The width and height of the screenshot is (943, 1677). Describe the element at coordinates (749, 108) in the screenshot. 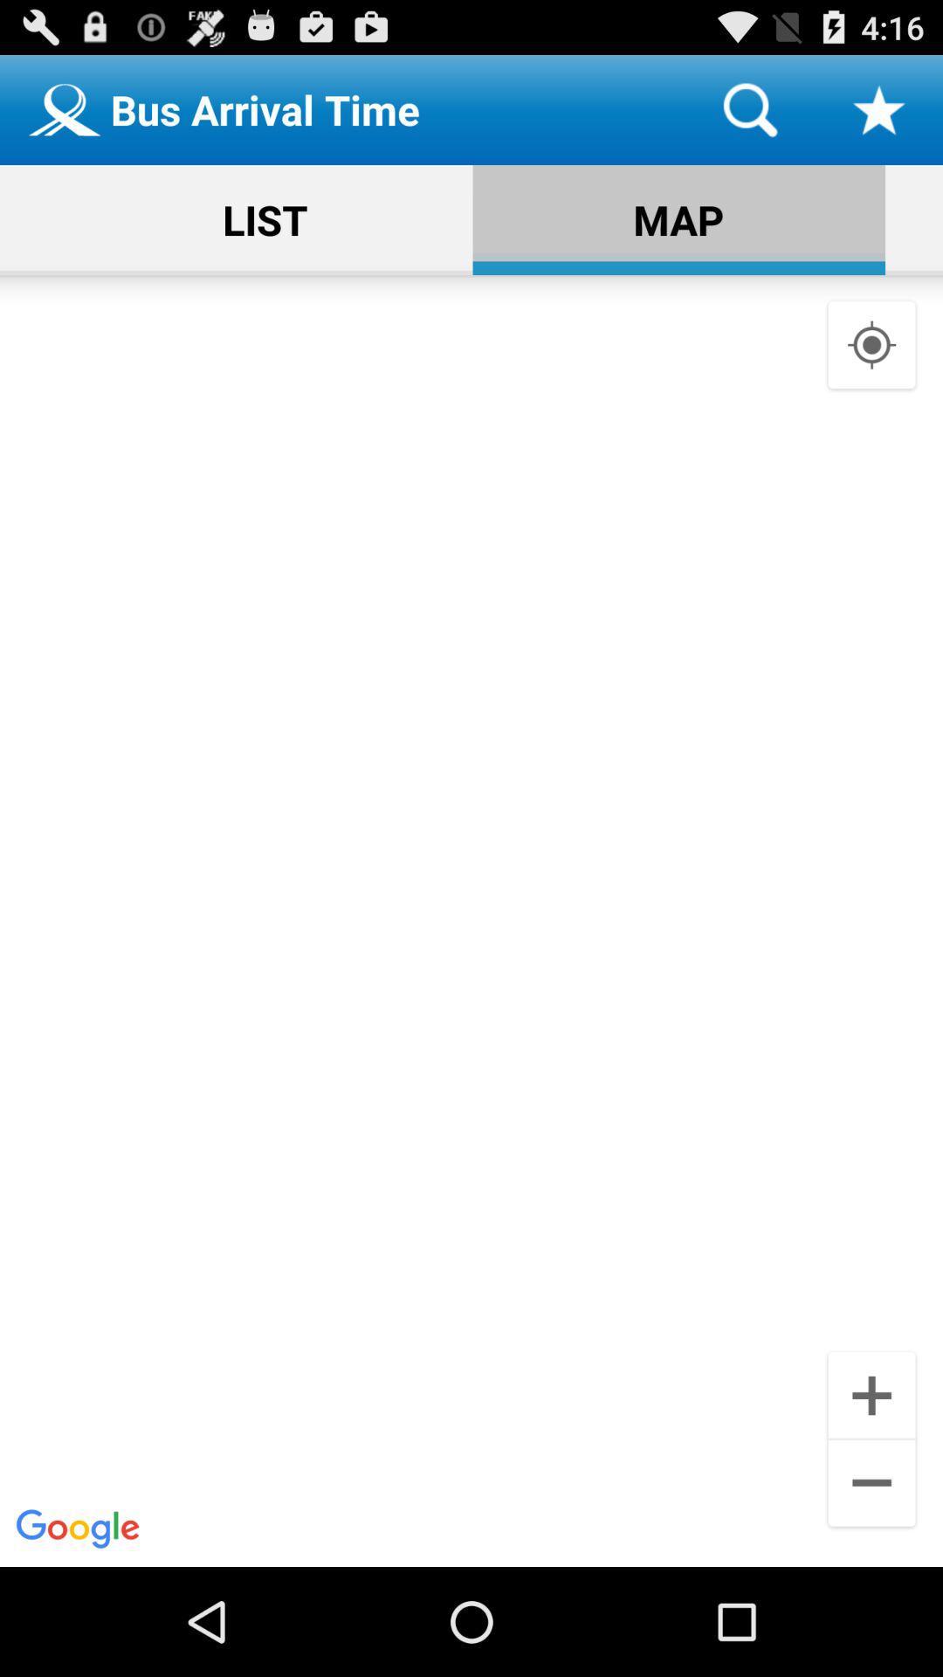

I see `the app to the right of bus arrival time item` at that location.